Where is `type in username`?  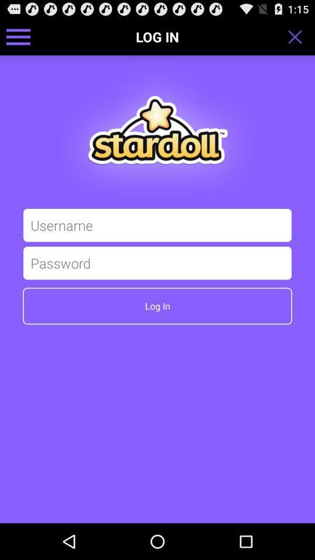 type in username is located at coordinates (157, 225).